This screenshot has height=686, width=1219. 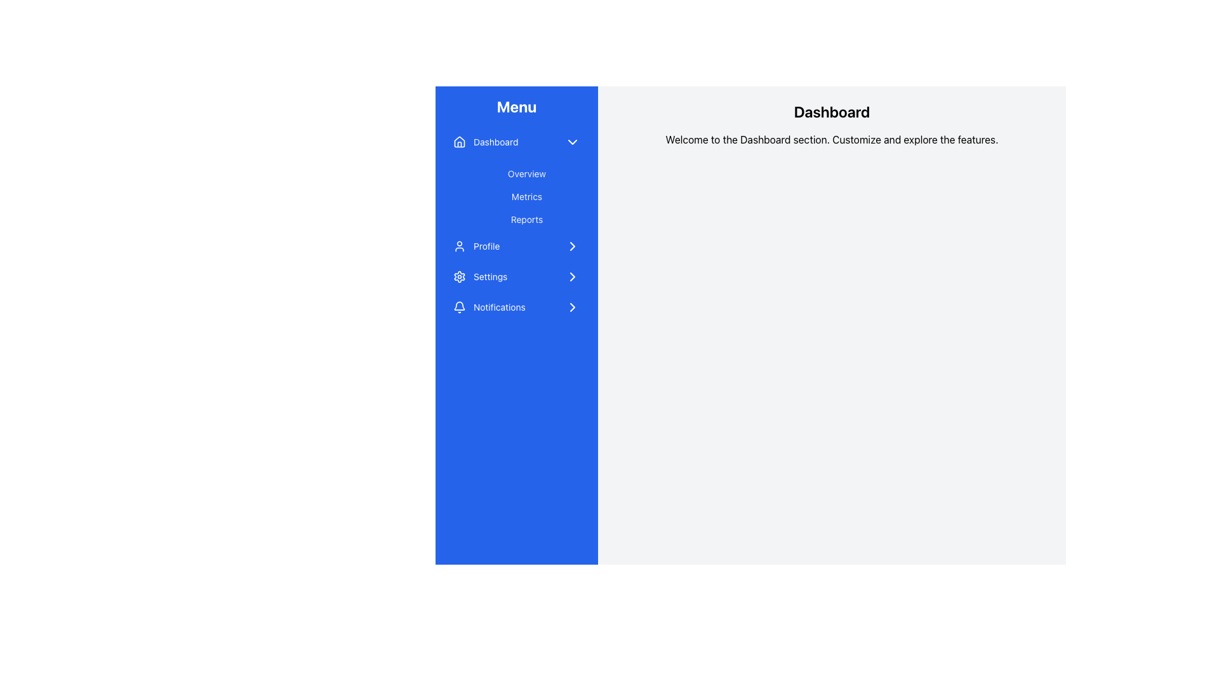 What do you see at coordinates (486, 246) in the screenshot?
I see `the 'Profile' text label, which is the third item in the vertical navigation menu on the left side` at bounding box center [486, 246].